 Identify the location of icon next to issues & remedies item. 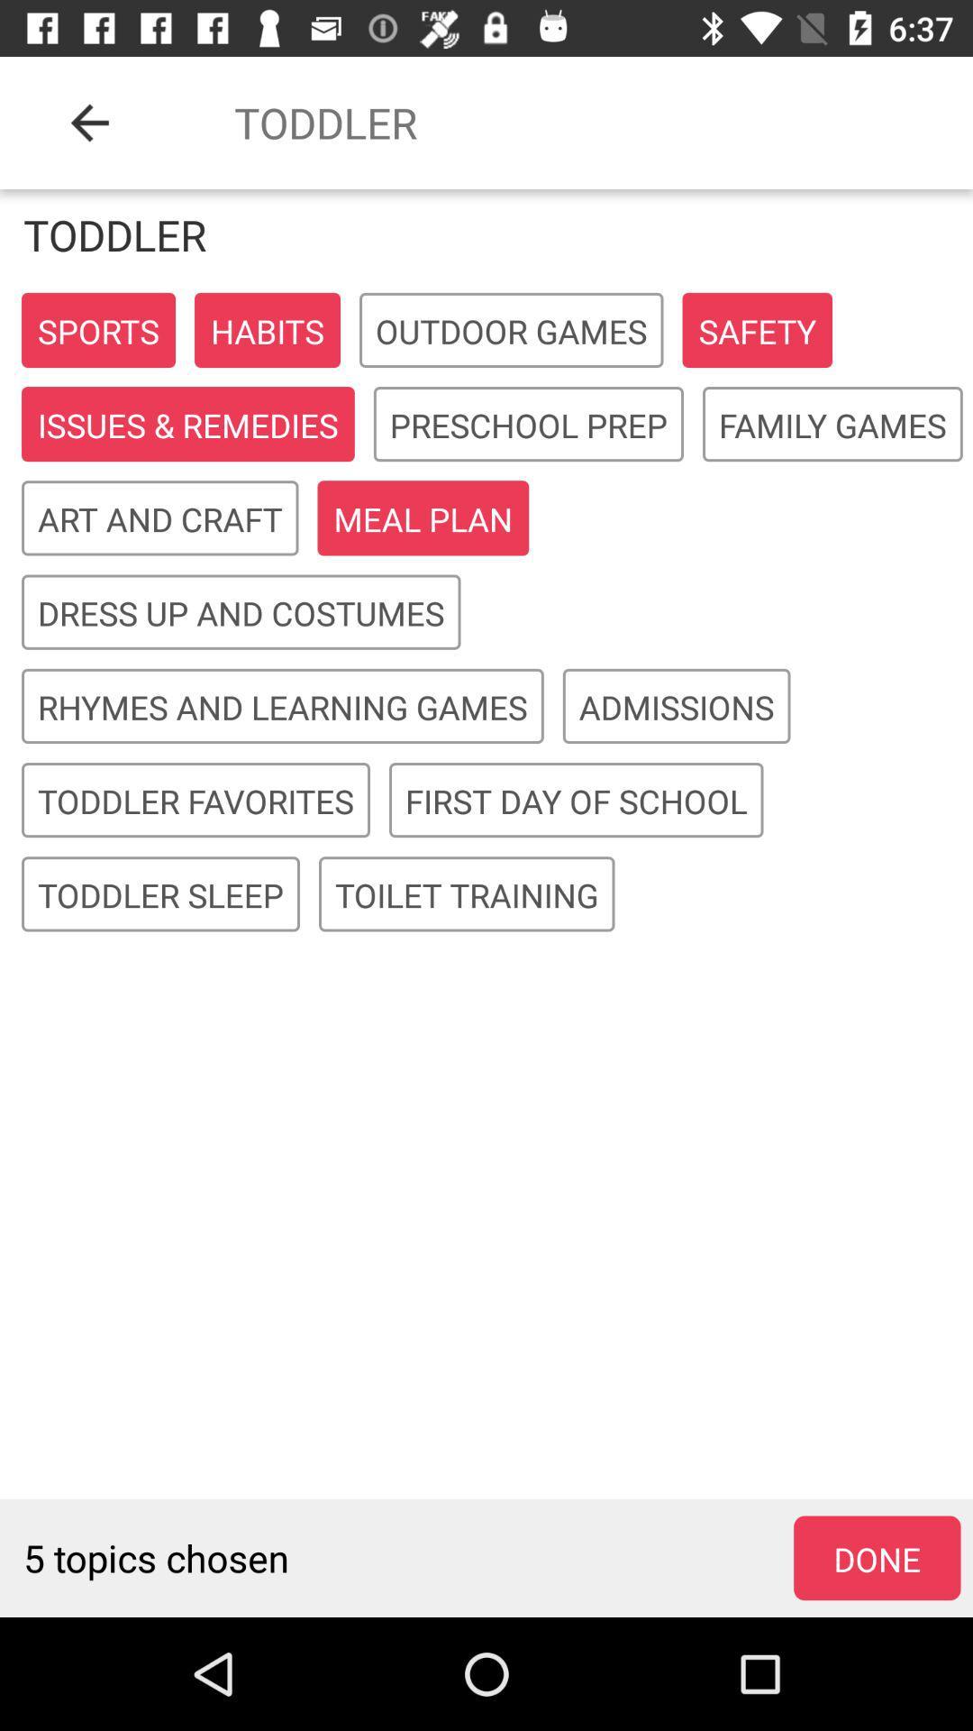
(527, 424).